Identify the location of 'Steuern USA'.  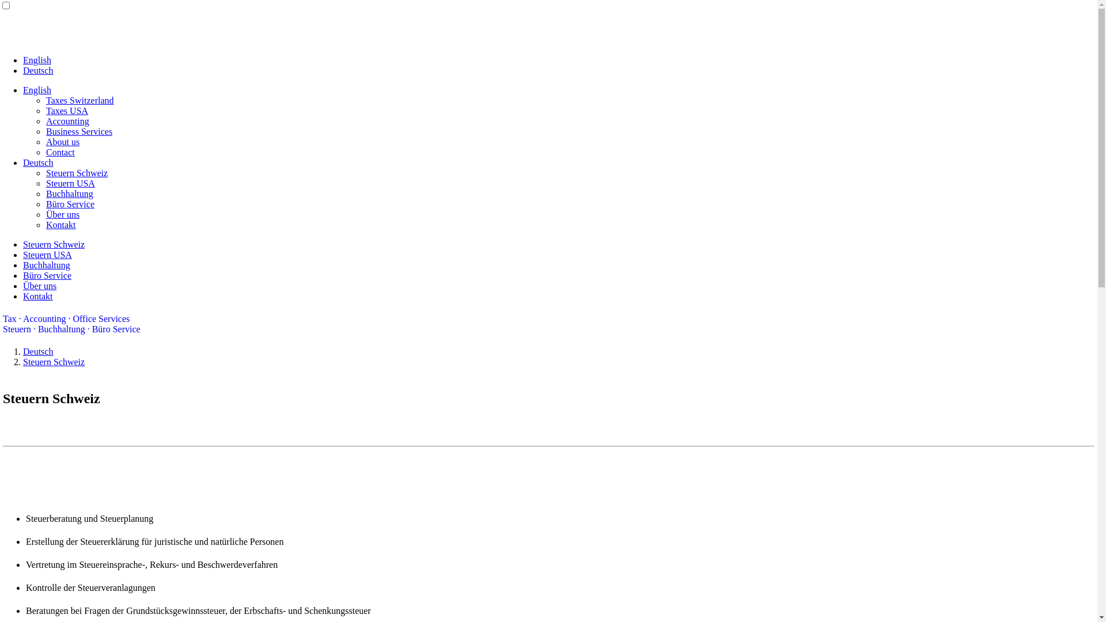
(46, 183).